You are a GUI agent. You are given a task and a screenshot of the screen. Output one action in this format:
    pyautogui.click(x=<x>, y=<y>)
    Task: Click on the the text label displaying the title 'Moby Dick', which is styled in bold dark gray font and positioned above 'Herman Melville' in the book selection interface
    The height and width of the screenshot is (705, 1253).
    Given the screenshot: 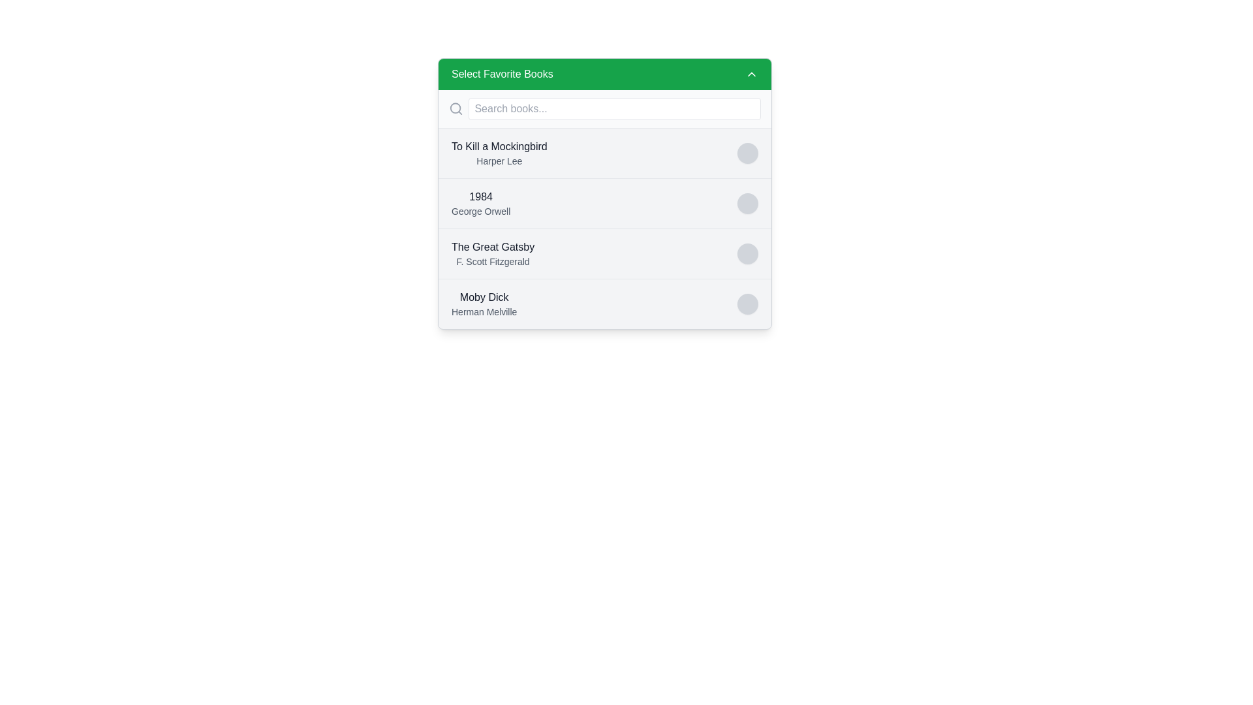 What is the action you would take?
    pyautogui.click(x=484, y=297)
    